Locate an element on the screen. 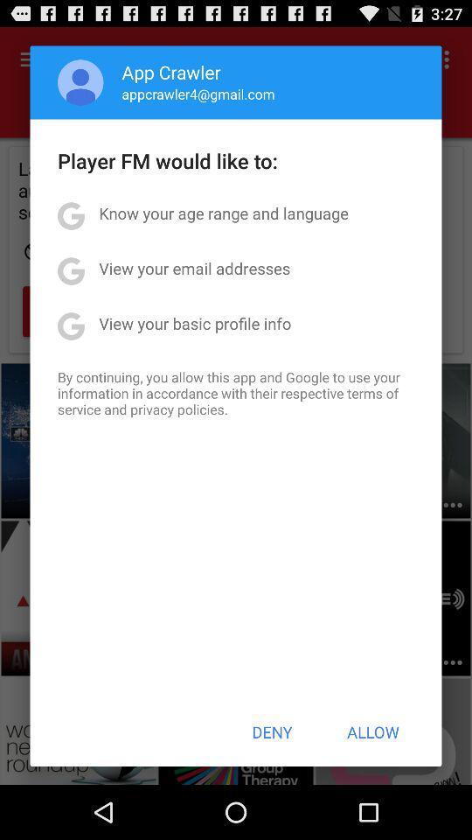  item above player fm would item is located at coordinates (80, 82).